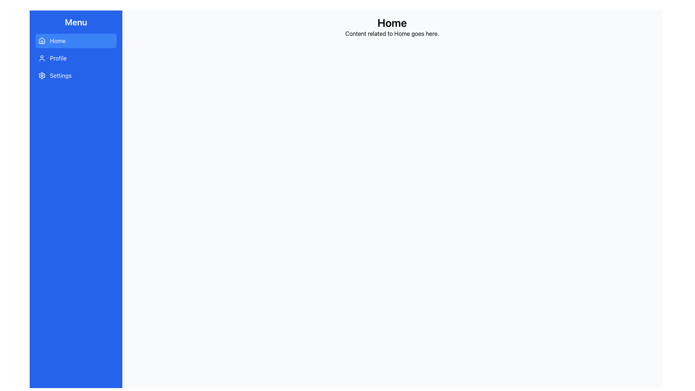 Image resolution: width=695 pixels, height=391 pixels. I want to click on the cogwheel-shaped icon representing settings, which is located to the left of the 'Settings' label in the vertical navigation bar, so click(41, 75).